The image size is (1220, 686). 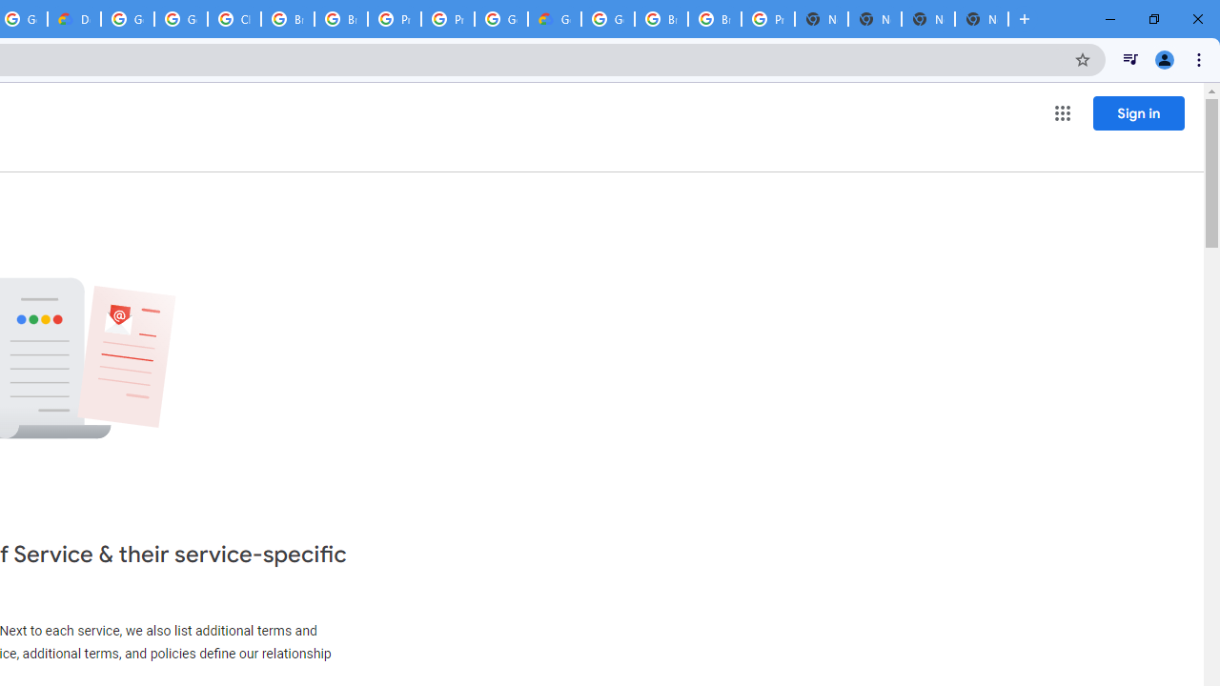 I want to click on 'Google Cloud Estimate Summary', so click(x=554, y=19).